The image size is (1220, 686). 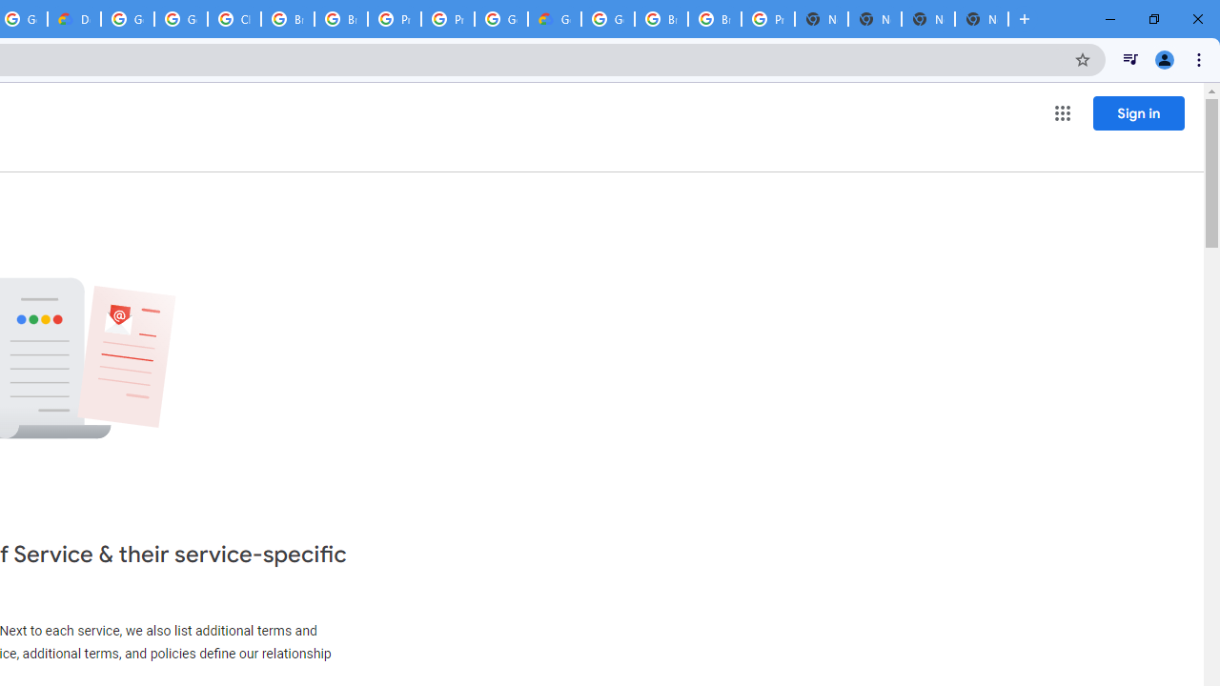 I want to click on 'Google Cloud Estimate Summary', so click(x=554, y=19).